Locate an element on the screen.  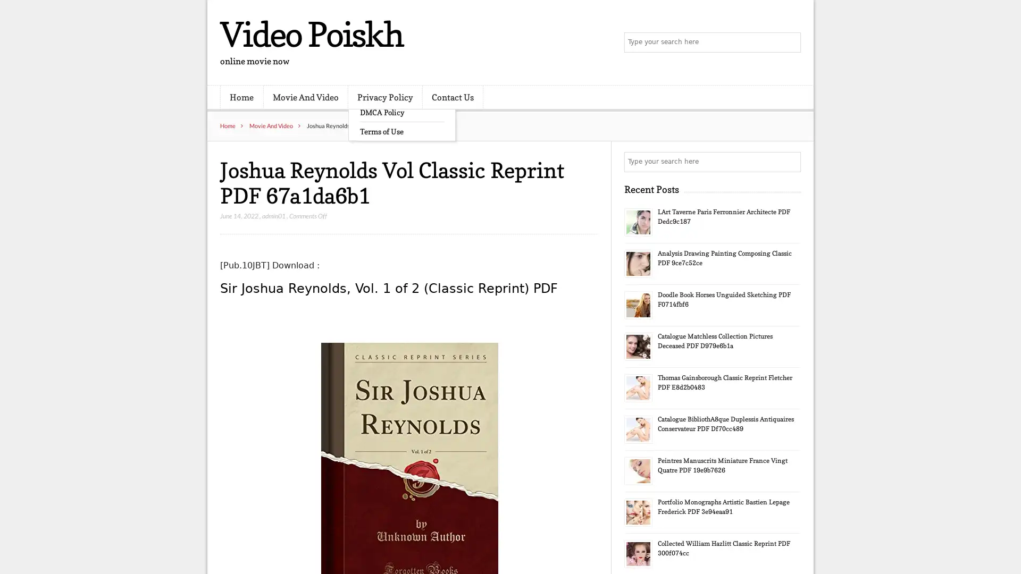
Search is located at coordinates (790, 162).